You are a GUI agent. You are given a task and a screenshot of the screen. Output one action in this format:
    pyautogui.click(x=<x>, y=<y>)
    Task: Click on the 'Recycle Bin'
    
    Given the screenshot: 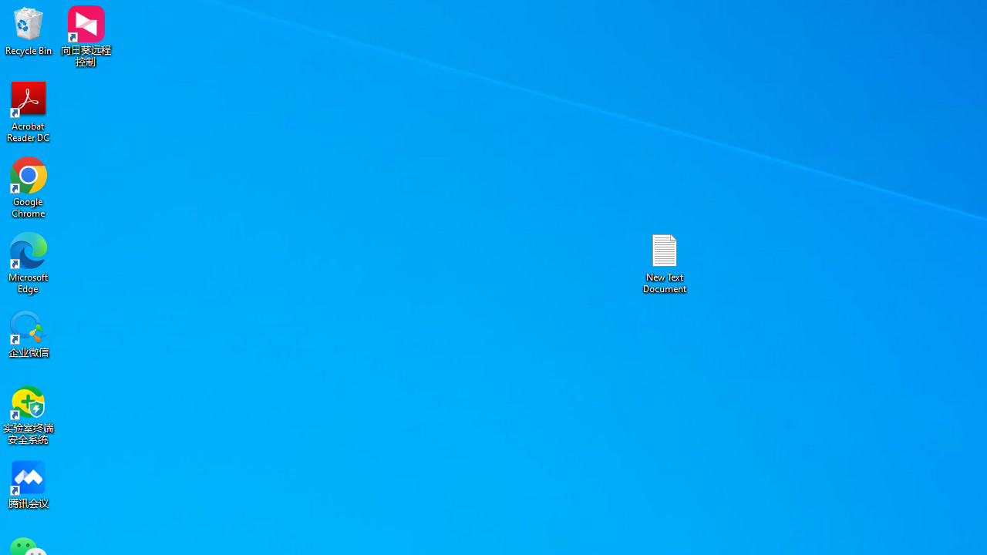 What is the action you would take?
    pyautogui.click(x=29, y=30)
    